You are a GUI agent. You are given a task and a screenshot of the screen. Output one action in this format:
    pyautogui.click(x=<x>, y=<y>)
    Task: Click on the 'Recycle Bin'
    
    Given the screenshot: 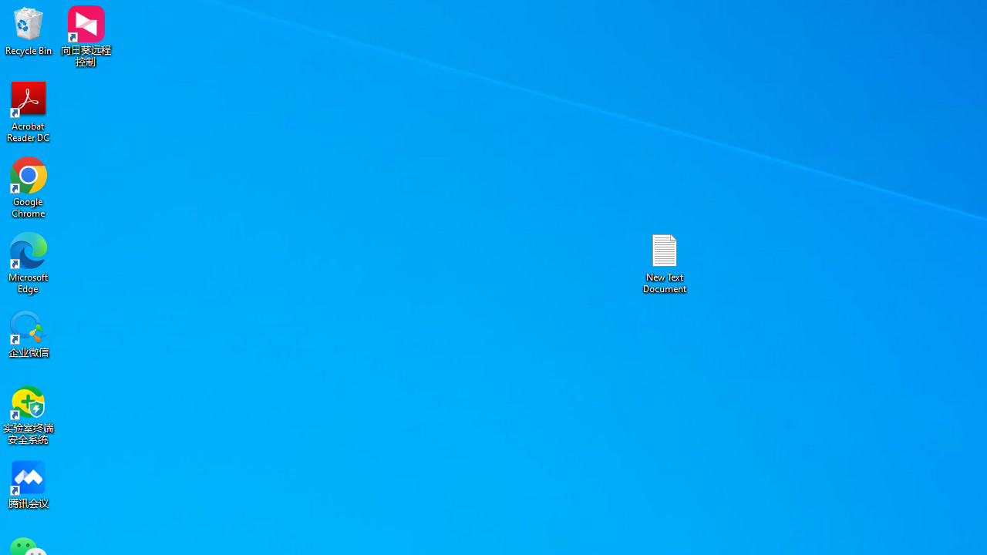 What is the action you would take?
    pyautogui.click(x=29, y=30)
    